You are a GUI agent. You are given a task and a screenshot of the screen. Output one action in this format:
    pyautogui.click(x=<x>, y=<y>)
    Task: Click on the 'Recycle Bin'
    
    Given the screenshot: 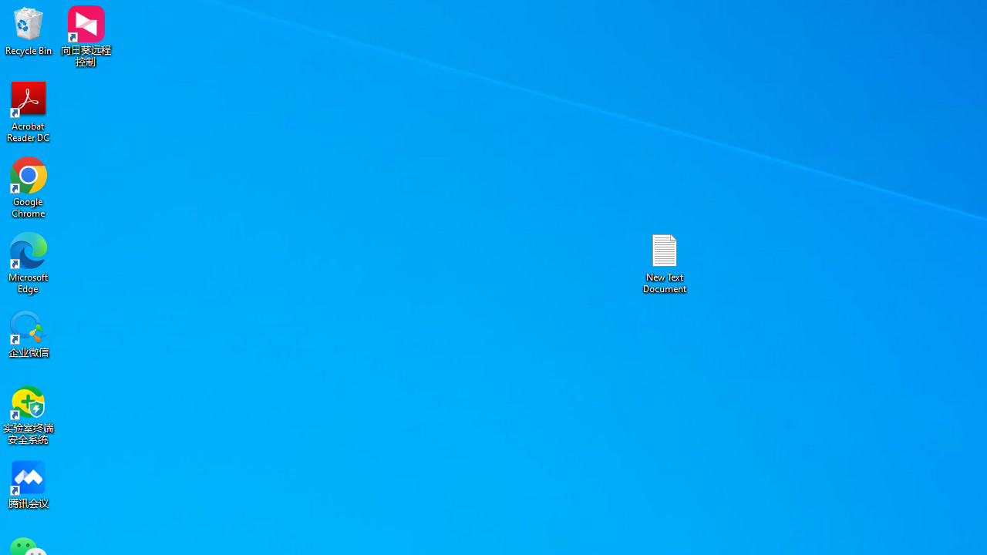 What is the action you would take?
    pyautogui.click(x=29, y=30)
    